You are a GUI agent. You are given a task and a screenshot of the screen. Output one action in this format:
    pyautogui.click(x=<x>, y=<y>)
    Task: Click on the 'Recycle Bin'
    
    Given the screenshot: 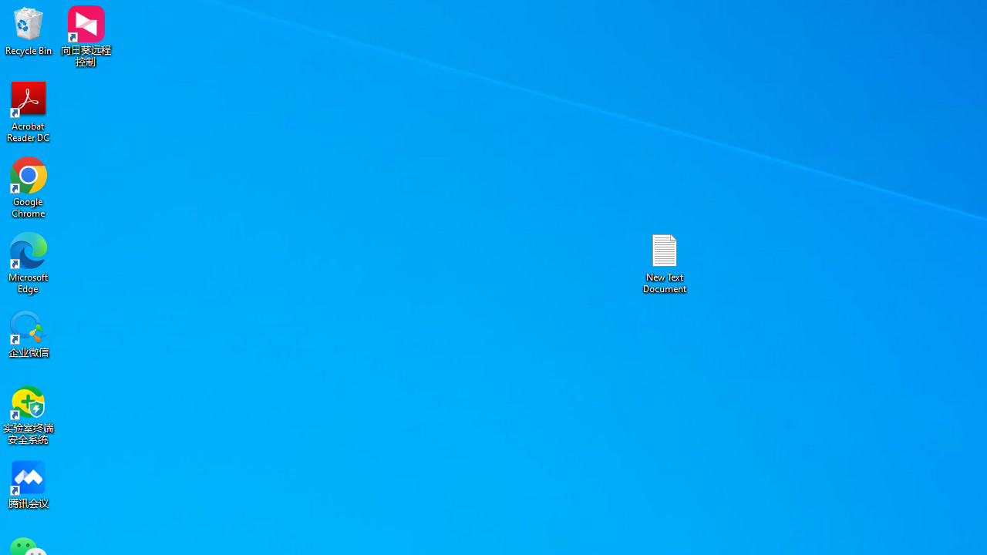 What is the action you would take?
    pyautogui.click(x=29, y=30)
    